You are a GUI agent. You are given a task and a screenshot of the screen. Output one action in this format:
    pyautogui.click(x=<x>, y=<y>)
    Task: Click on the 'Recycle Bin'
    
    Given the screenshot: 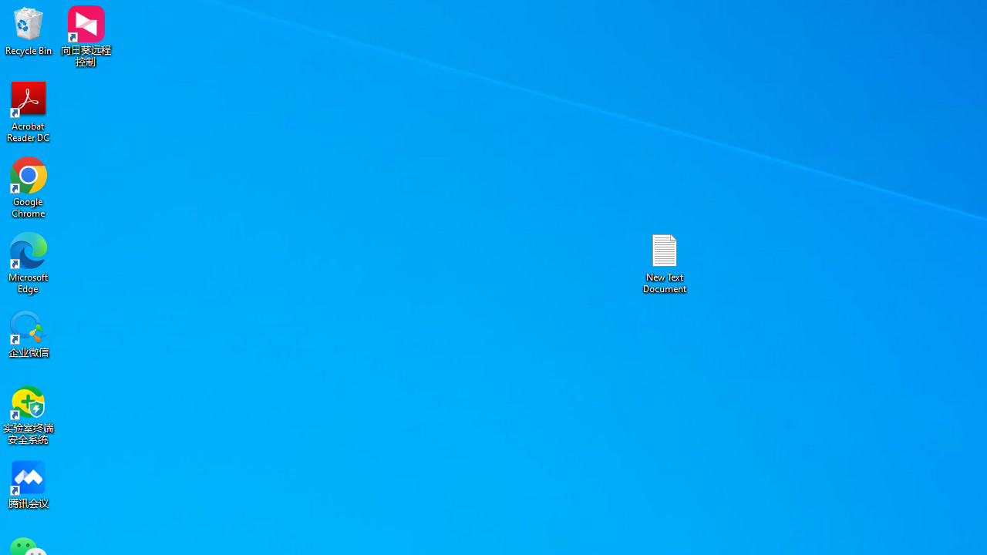 What is the action you would take?
    pyautogui.click(x=29, y=30)
    